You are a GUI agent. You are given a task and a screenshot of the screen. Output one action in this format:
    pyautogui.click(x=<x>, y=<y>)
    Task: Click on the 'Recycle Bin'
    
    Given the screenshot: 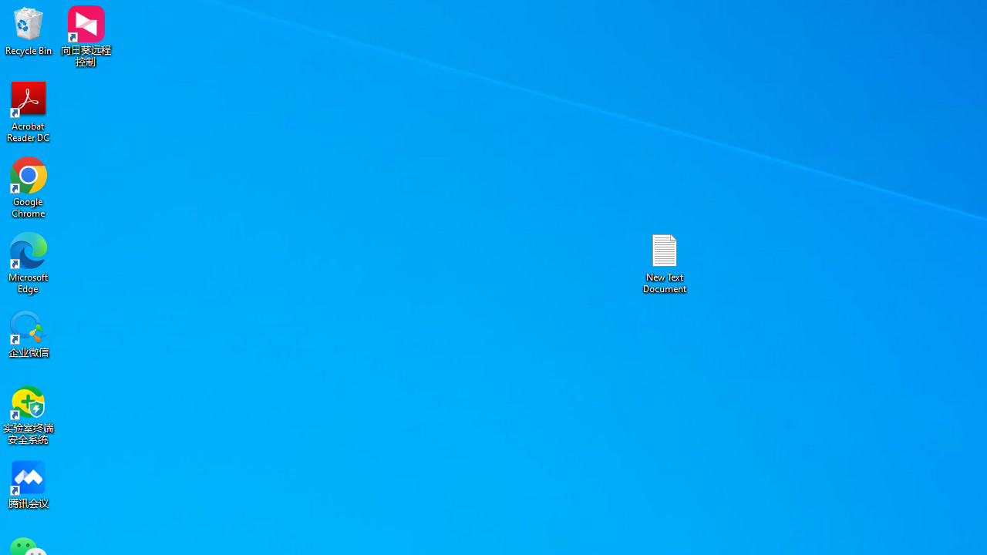 What is the action you would take?
    pyautogui.click(x=29, y=30)
    